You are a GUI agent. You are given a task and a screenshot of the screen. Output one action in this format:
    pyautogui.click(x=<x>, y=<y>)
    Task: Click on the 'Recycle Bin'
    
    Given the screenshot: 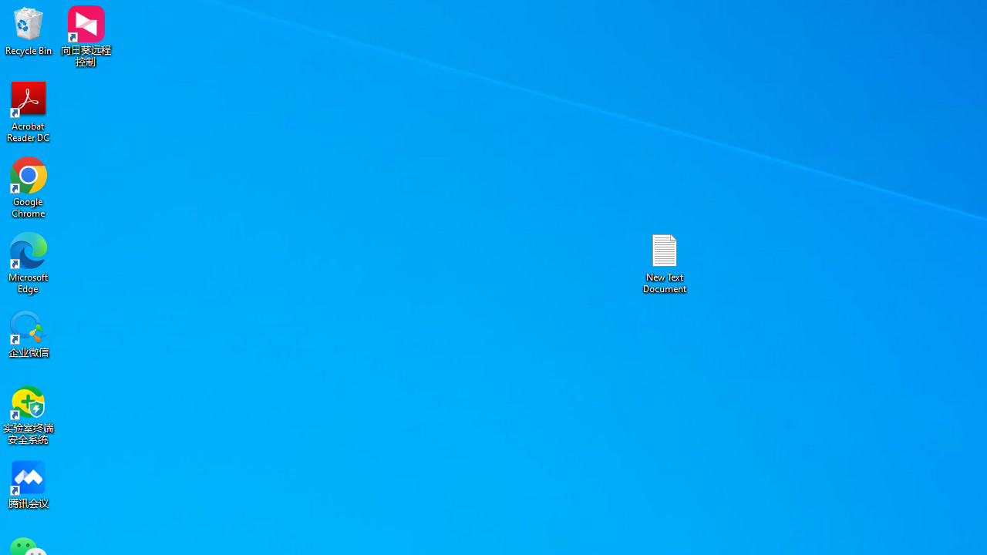 What is the action you would take?
    pyautogui.click(x=29, y=30)
    